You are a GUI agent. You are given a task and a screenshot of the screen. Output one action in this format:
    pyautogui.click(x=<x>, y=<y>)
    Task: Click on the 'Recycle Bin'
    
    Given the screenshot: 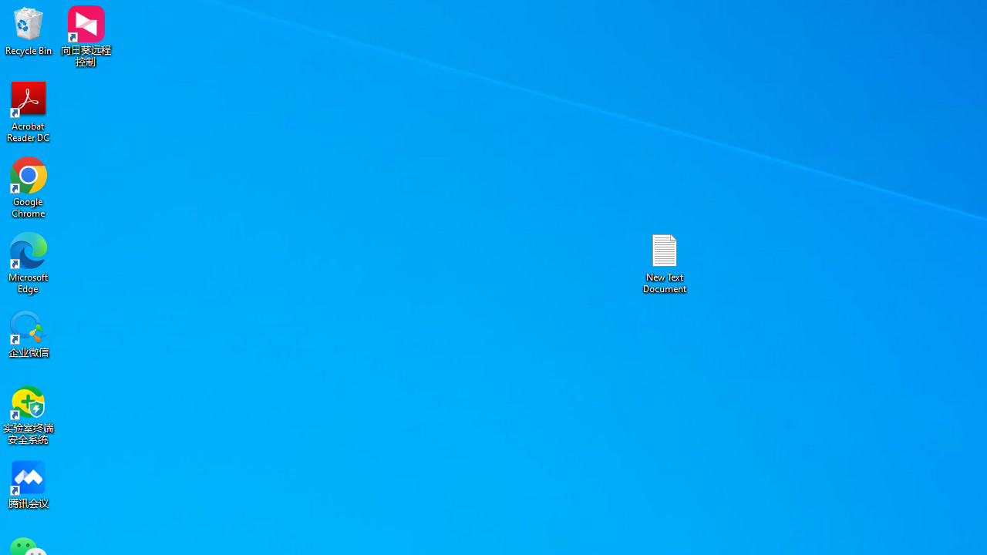 What is the action you would take?
    pyautogui.click(x=29, y=30)
    